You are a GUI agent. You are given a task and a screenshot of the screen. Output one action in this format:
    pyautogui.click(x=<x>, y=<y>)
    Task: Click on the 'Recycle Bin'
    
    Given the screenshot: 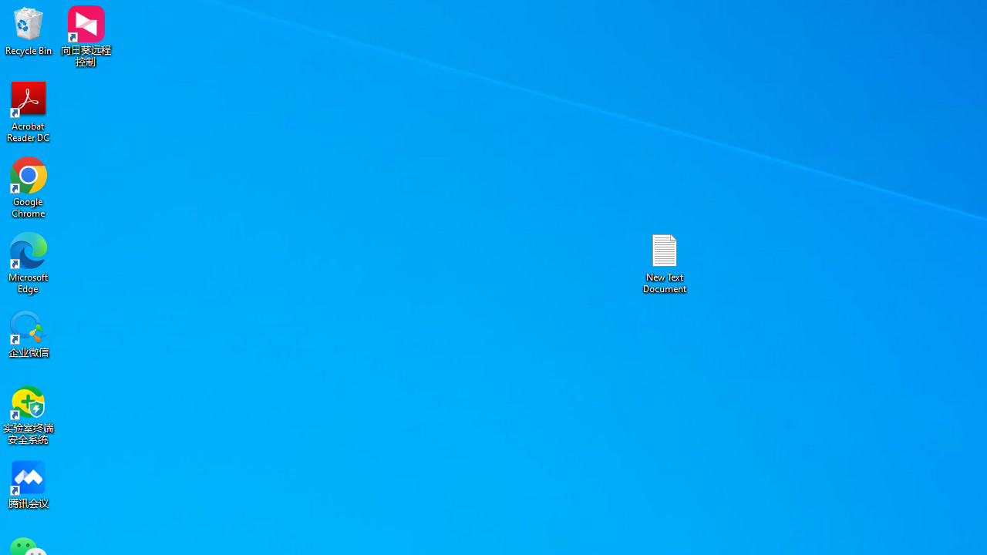 What is the action you would take?
    pyautogui.click(x=29, y=30)
    